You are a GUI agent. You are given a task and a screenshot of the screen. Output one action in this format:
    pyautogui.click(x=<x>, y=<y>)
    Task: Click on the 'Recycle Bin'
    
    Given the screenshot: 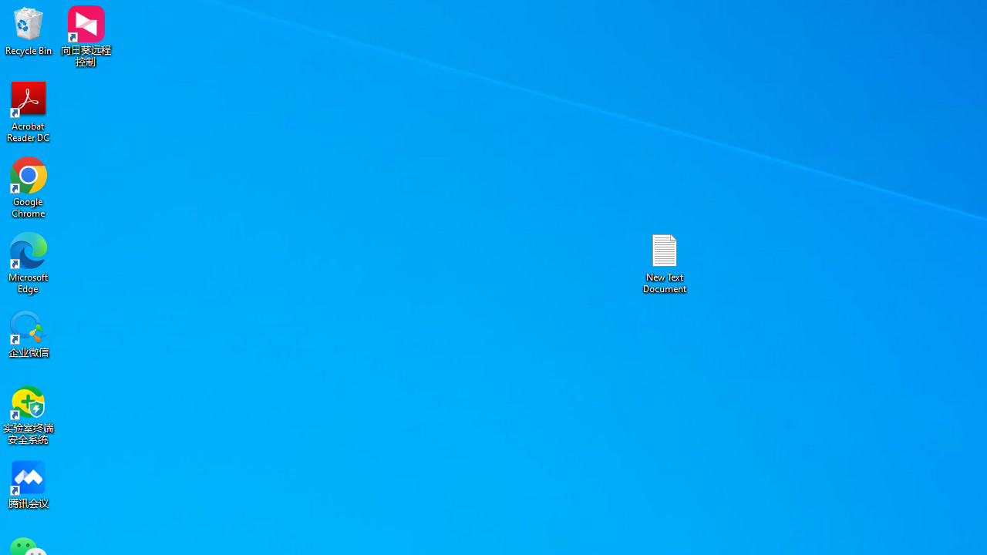 What is the action you would take?
    pyautogui.click(x=29, y=30)
    